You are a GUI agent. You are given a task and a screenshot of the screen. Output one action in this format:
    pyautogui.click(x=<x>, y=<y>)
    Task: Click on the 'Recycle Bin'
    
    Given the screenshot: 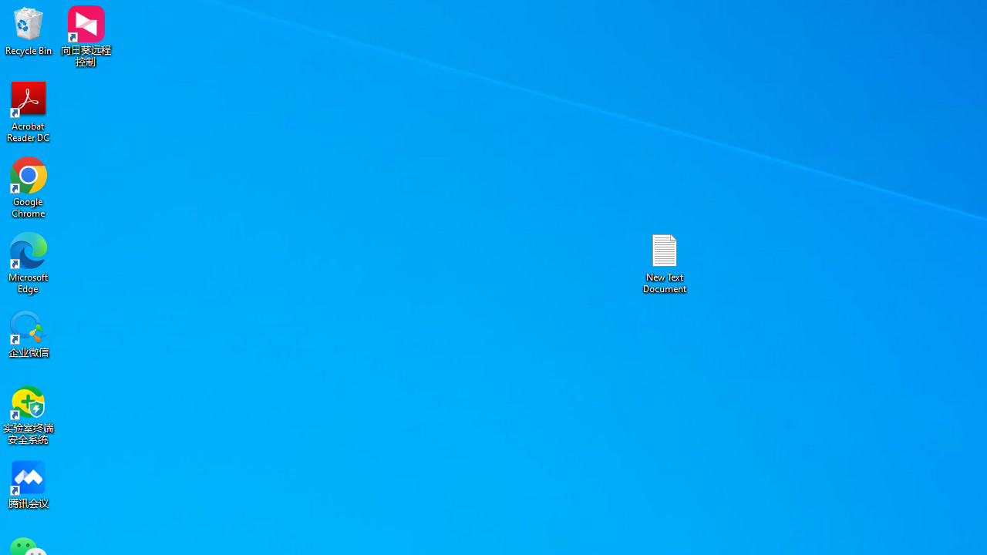 What is the action you would take?
    pyautogui.click(x=29, y=30)
    